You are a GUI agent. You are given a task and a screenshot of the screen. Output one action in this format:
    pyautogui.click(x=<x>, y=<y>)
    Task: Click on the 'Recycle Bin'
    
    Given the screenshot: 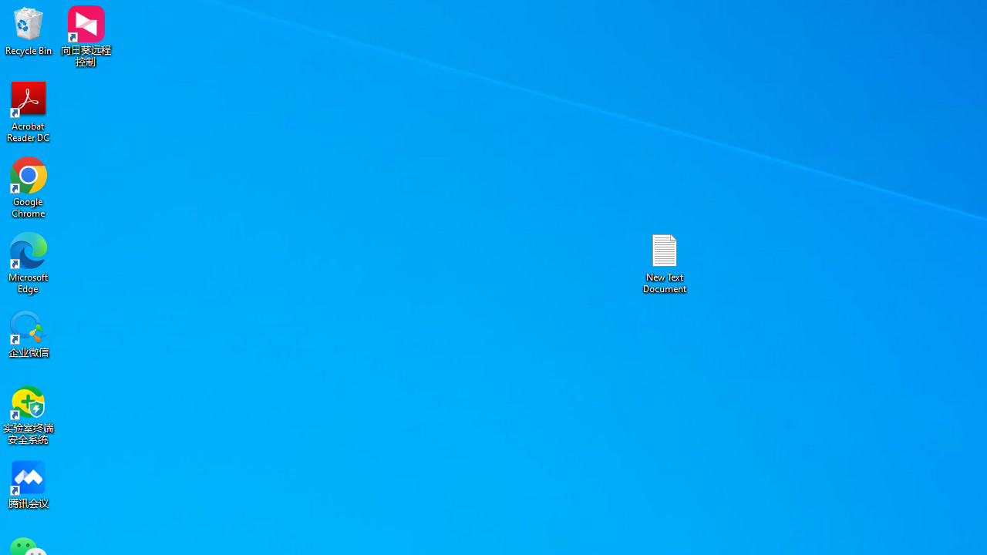 What is the action you would take?
    pyautogui.click(x=29, y=30)
    